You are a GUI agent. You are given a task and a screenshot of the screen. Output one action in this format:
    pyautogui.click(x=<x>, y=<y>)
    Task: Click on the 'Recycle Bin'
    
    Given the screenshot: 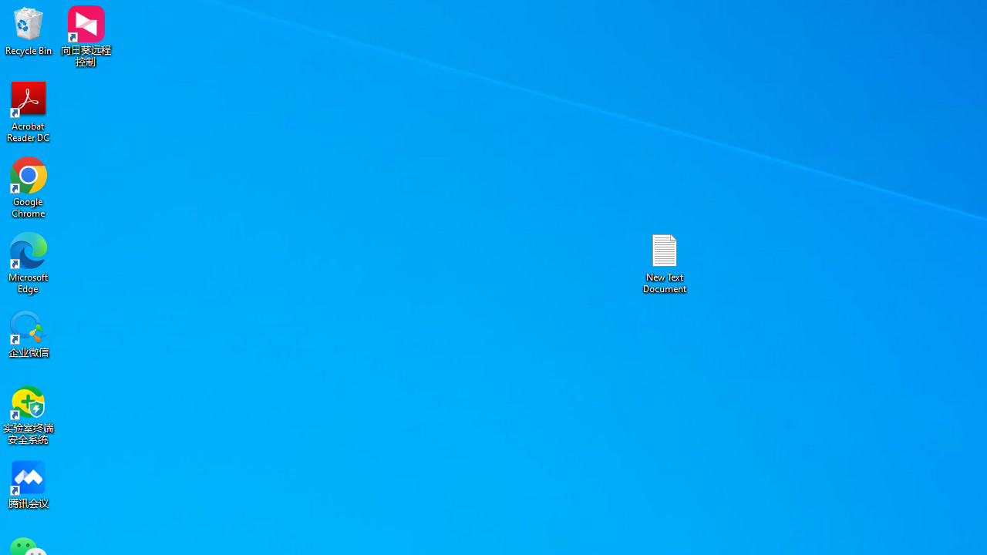 What is the action you would take?
    pyautogui.click(x=29, y=30)
    